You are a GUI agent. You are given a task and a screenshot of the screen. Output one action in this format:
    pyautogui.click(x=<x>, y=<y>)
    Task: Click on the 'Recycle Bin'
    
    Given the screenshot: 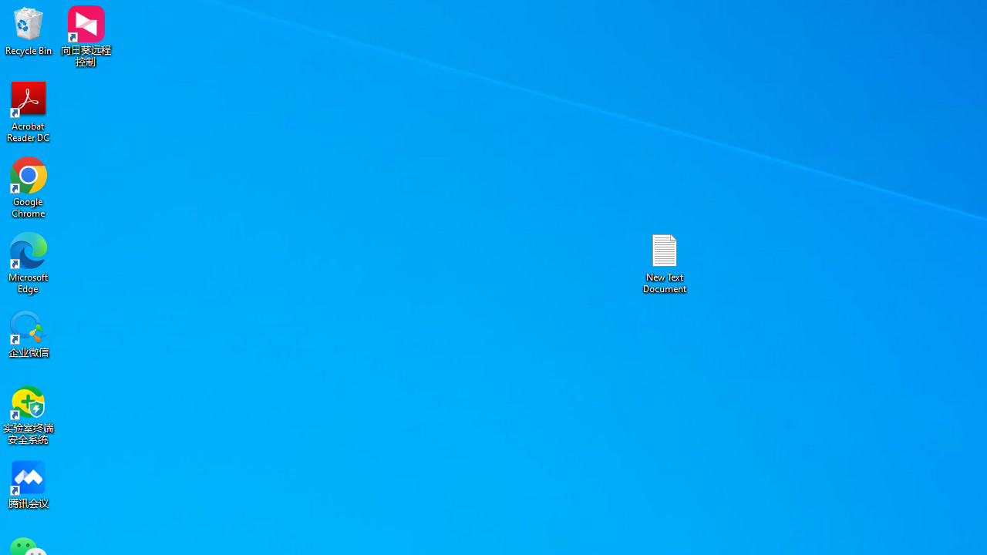 What is the action you would take?
    pyautogui.click(x=29, y=30)
    